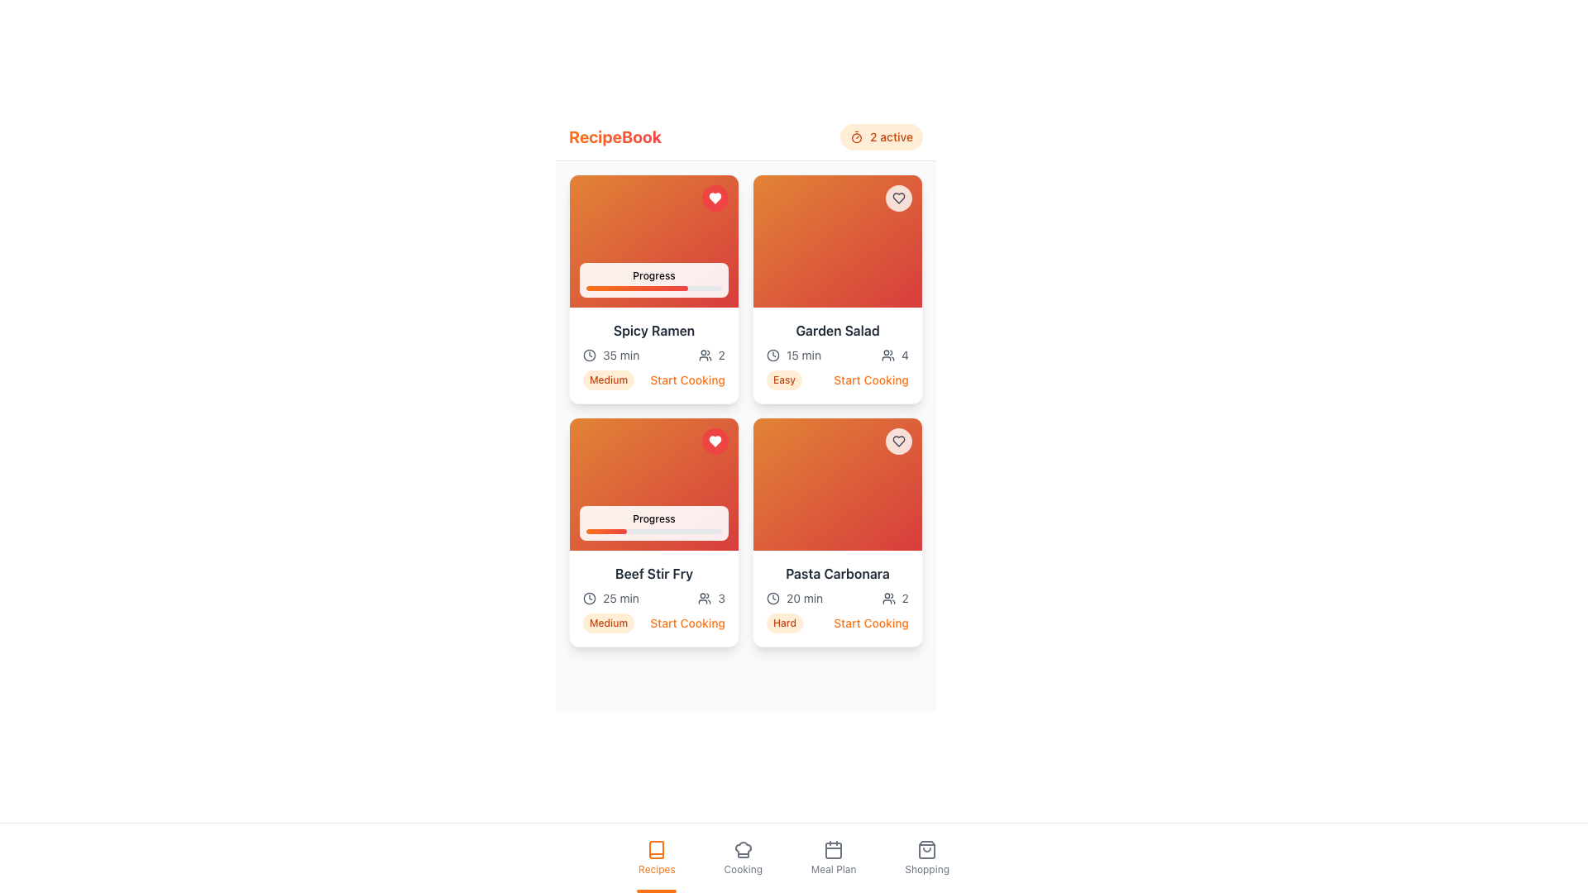 This screenshot has height=893, width=1588. What do you see at coordinates (653, 279) in the screenshot?
I see `progress information from the progress indicator located at the bottom section of the recipe card in the top-left corner of a 2x2 grid of recipe cards` at bounding box center [653, 279].